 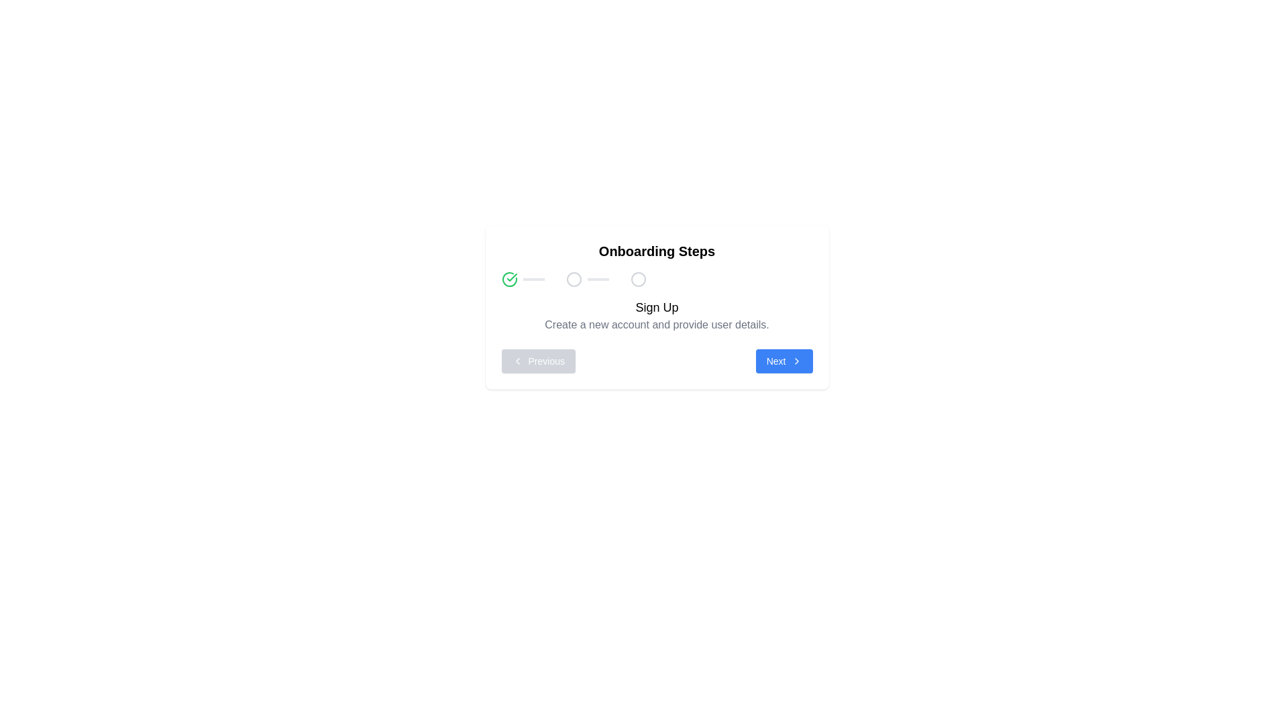 I want to click on text label that is part of the 'Next' button located at the bottom-center of the UI panel, adjacent to the chevron icon, so click(x=776, y=361).